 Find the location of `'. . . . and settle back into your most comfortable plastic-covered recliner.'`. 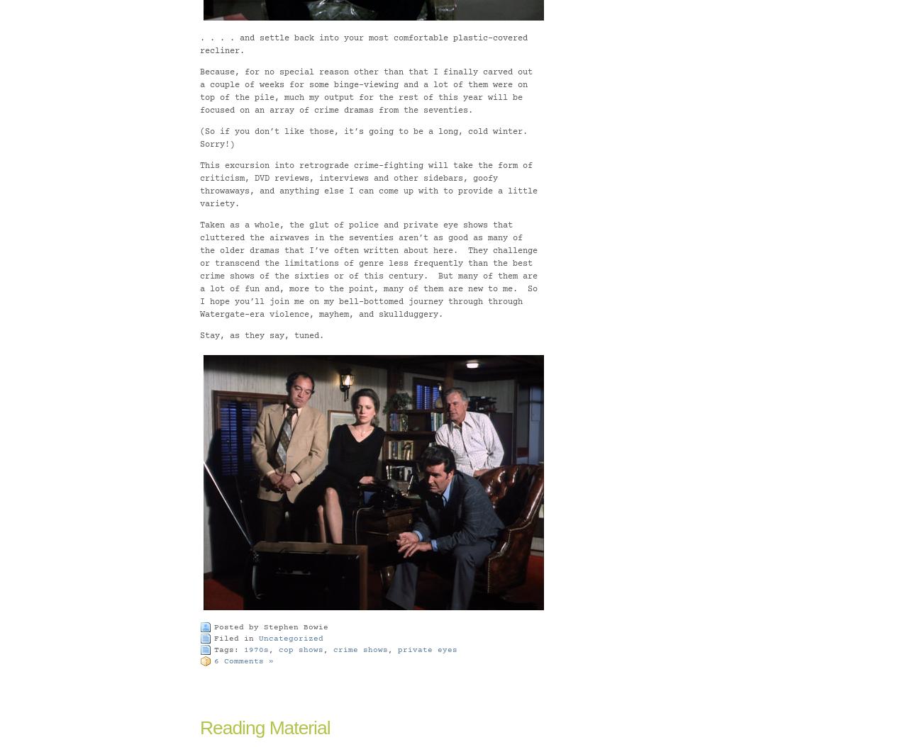

'. . . . and settle back into your most comfortable plastic-covered recliner.' is located at coordinates (199, 43).